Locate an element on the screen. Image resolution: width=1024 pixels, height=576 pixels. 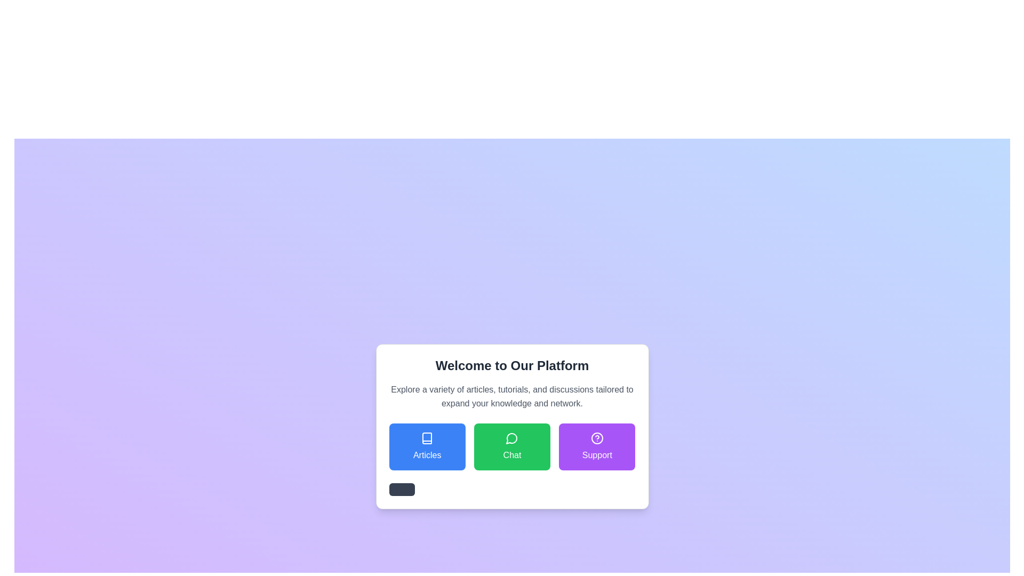
the descriptive text styled in light gray color, located below the title 'Welcome to Our Platform' and above the buttons 'Articles', 'Chat', and 'Support' is located at coordinates (512, 397).